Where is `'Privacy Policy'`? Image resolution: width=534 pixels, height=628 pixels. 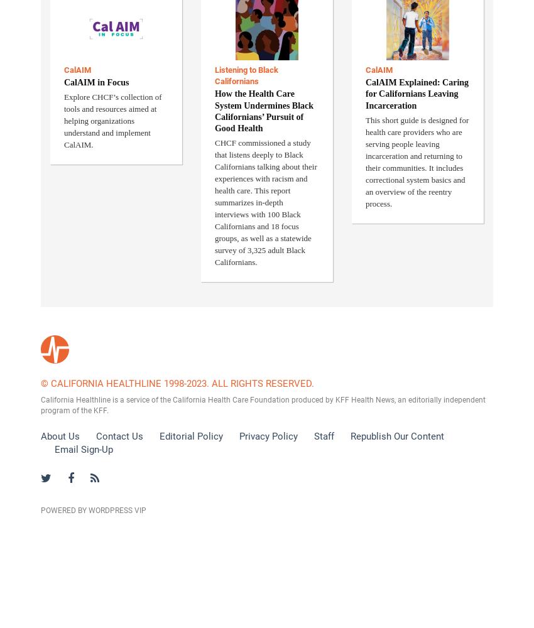 'Privacy Policy' is located at coordinates (238, 435).